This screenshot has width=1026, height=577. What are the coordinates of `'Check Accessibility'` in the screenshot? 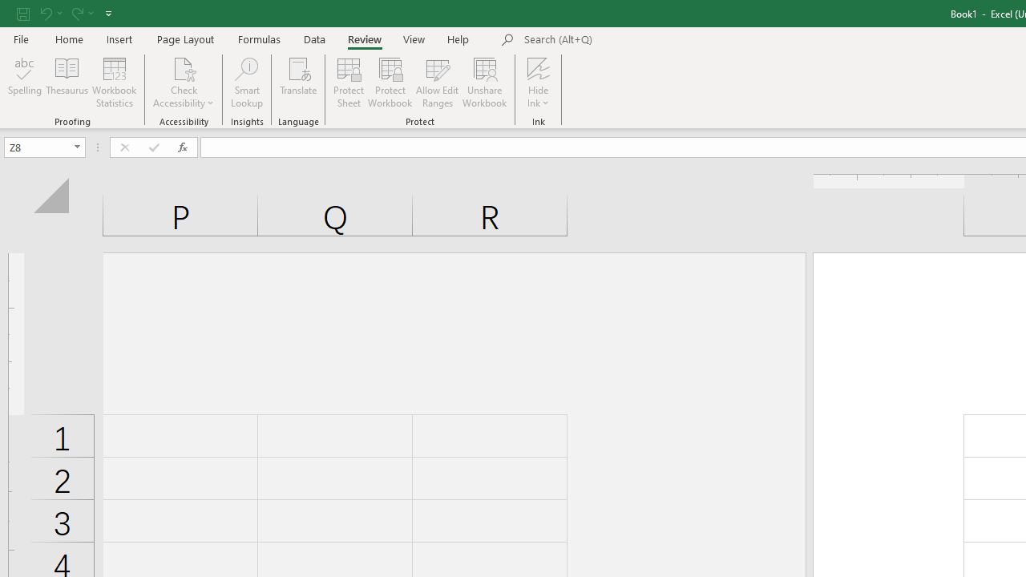 It's located at (184, 67).